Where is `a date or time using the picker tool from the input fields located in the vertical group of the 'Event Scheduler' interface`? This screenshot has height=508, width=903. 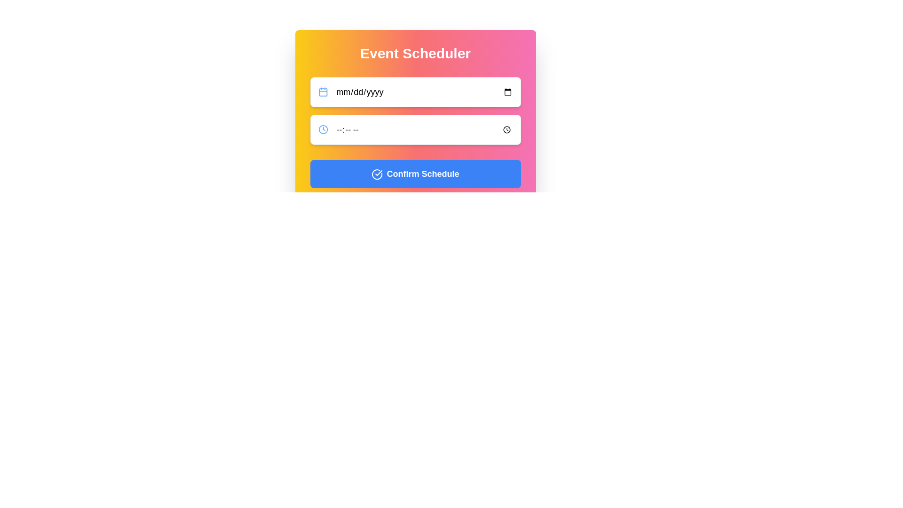 a date or time using the picker tool from the input fields located in the vertical group of the 'Event Scheduler' interface is located at coordinates (415, 110).